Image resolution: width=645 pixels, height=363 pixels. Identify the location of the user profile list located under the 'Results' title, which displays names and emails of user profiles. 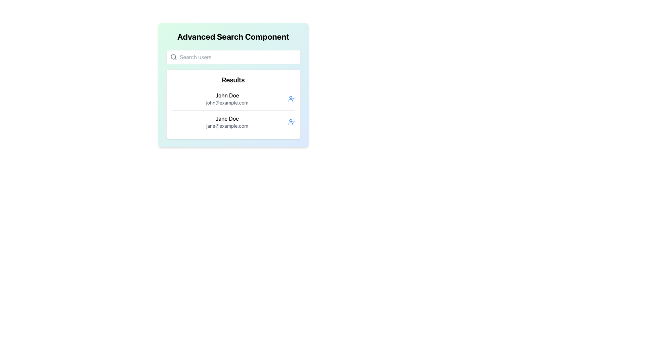
(233, 110).